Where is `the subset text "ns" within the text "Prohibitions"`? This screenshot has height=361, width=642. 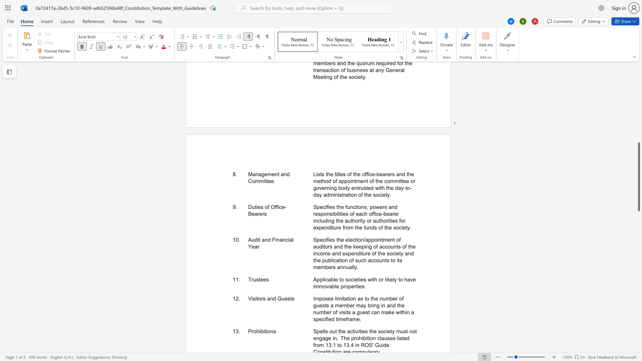 the subset text "ns" within the text "Prohibitions" is located at coordinates (270, 331).